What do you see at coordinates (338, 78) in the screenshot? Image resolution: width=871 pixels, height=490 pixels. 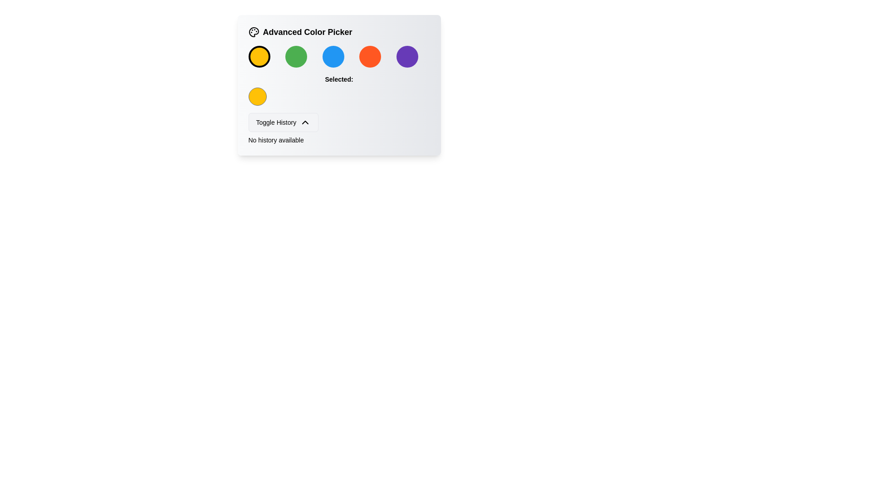 I see `text content of the label indicating the area below displays the selected color, located near the center of the interface beneath a row of circular color icons` at bounding box center [338, 78].